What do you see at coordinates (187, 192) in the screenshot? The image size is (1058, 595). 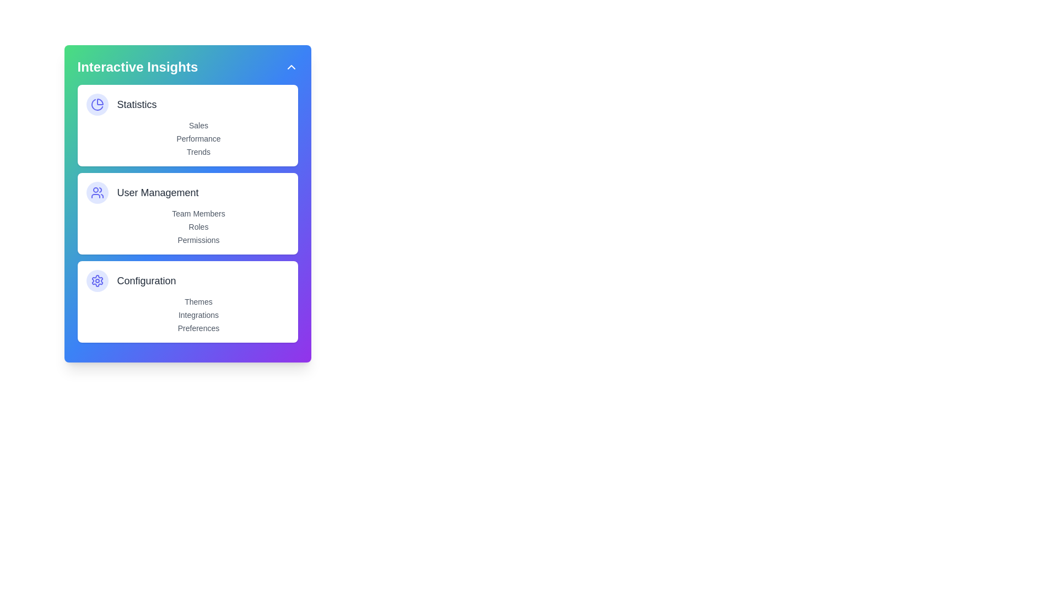 I see `the User Management section from the menu` at bounding box center [187, 192].